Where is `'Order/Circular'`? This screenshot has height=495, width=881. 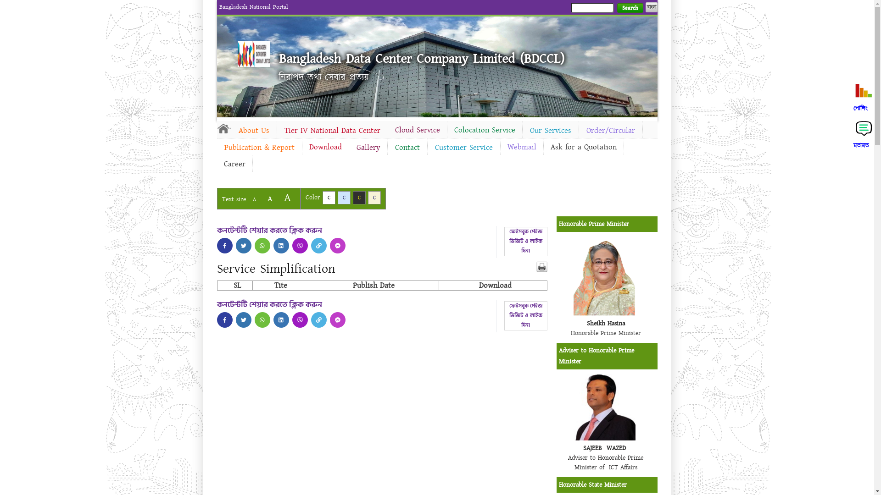 'Order/Circular' is located at coordinates (610, 131).